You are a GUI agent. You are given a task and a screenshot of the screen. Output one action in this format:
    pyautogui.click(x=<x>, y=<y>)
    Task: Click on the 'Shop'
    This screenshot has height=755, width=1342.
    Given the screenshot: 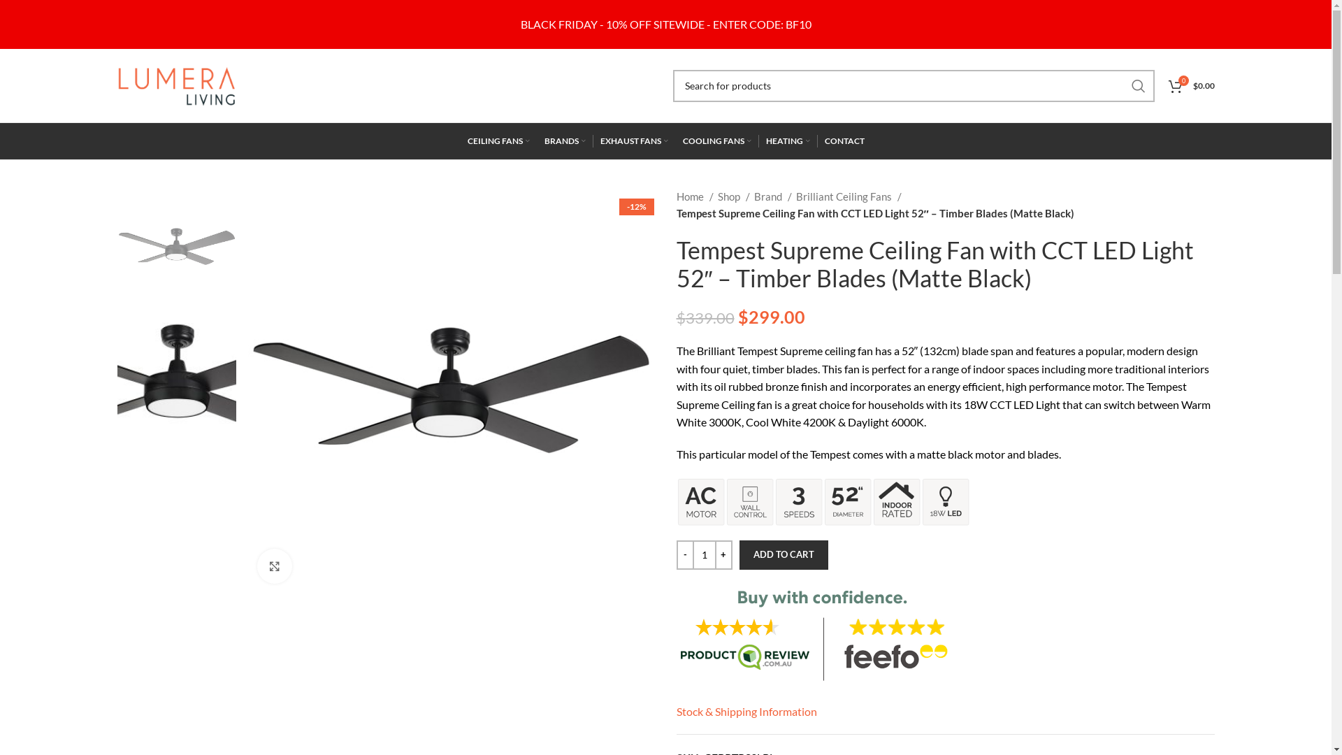 What is the action you would take?
    pyautogui.click(x=733, y=196)
    